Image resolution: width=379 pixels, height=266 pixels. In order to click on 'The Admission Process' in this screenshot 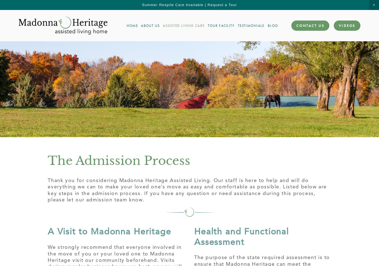, I will do `click(119, 160)`.